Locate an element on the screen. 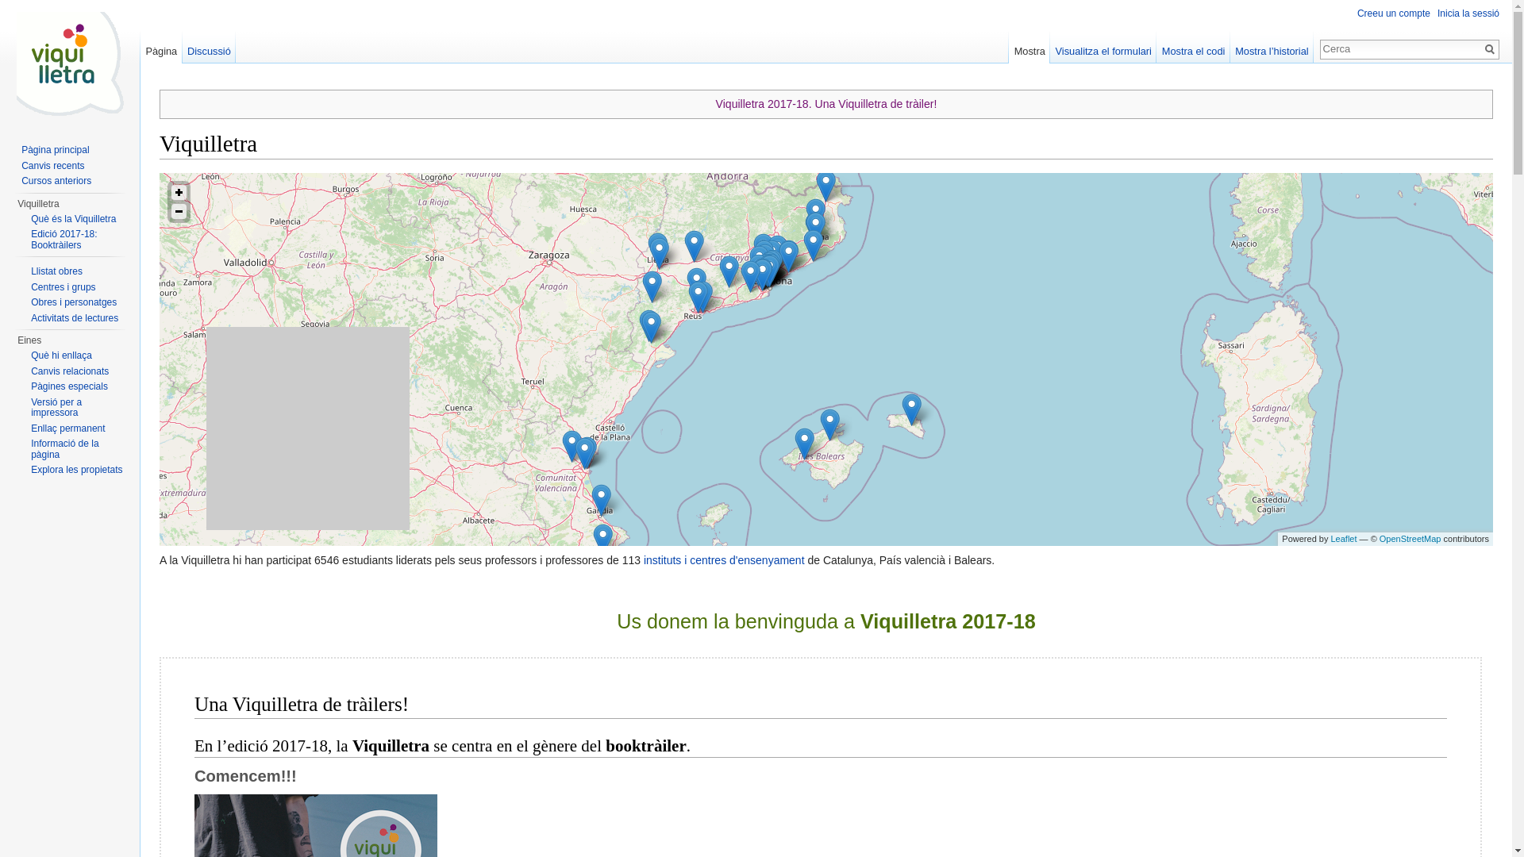 The width and height of the screenshot is (1524, 857). 'Canvis relacionats' is located at coordinates (30, 370).